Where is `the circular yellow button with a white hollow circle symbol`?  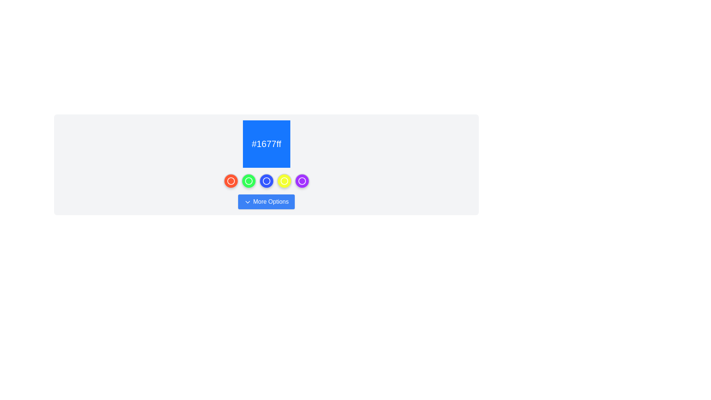
the circular yellow button with a white hollow circle symbol is located at coordinates (284, 181).